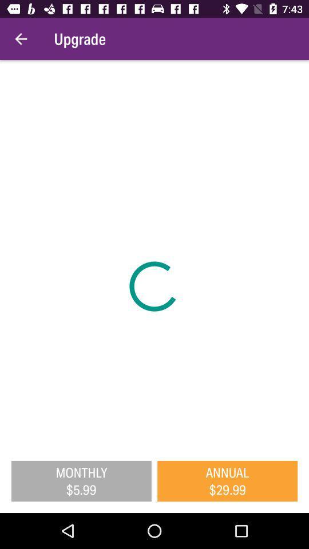 Image resolution: width=309 pixels, height=549 pixels. What do you see at coordinates (21, 39) in the screenshot?
I see `icon next to upgrade item` at bounding box center [21, 39].